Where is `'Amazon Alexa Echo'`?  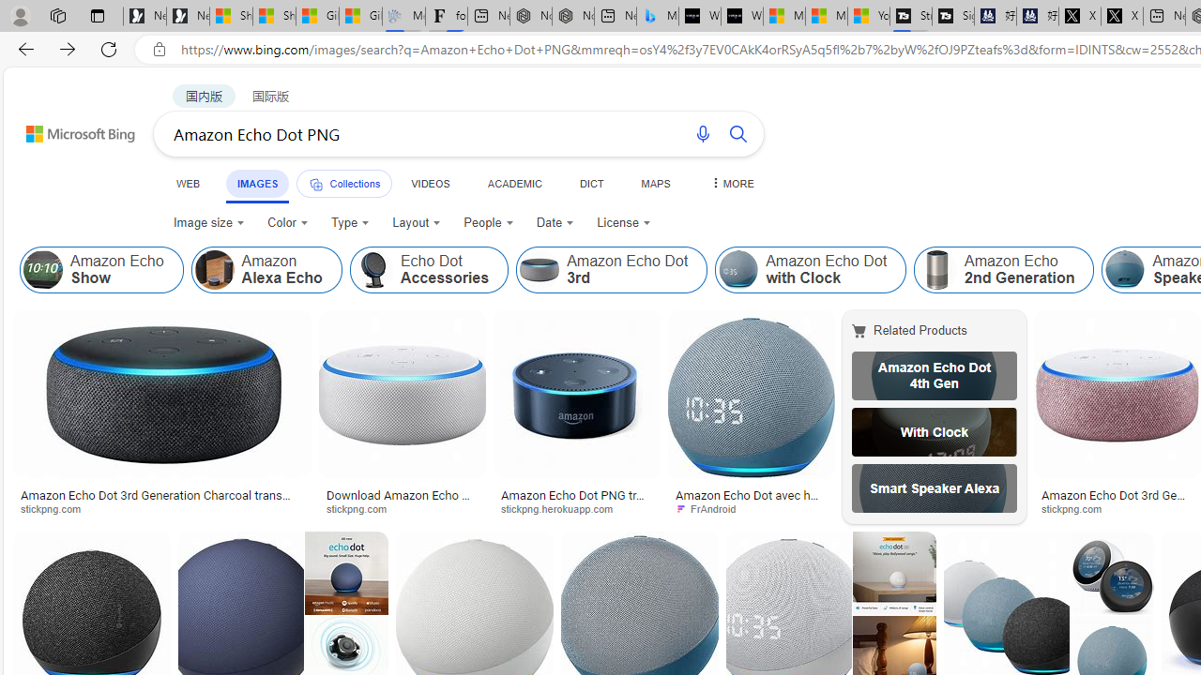
'Amazon Alexa Echo' is located at coordinates (265, 270).